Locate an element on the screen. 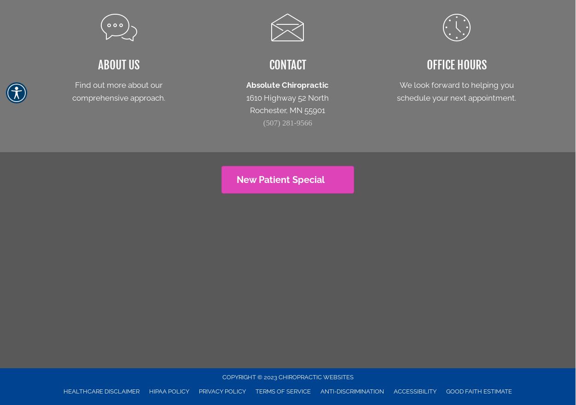  'comprehensive approach.' is located at coordinates (72, 97).